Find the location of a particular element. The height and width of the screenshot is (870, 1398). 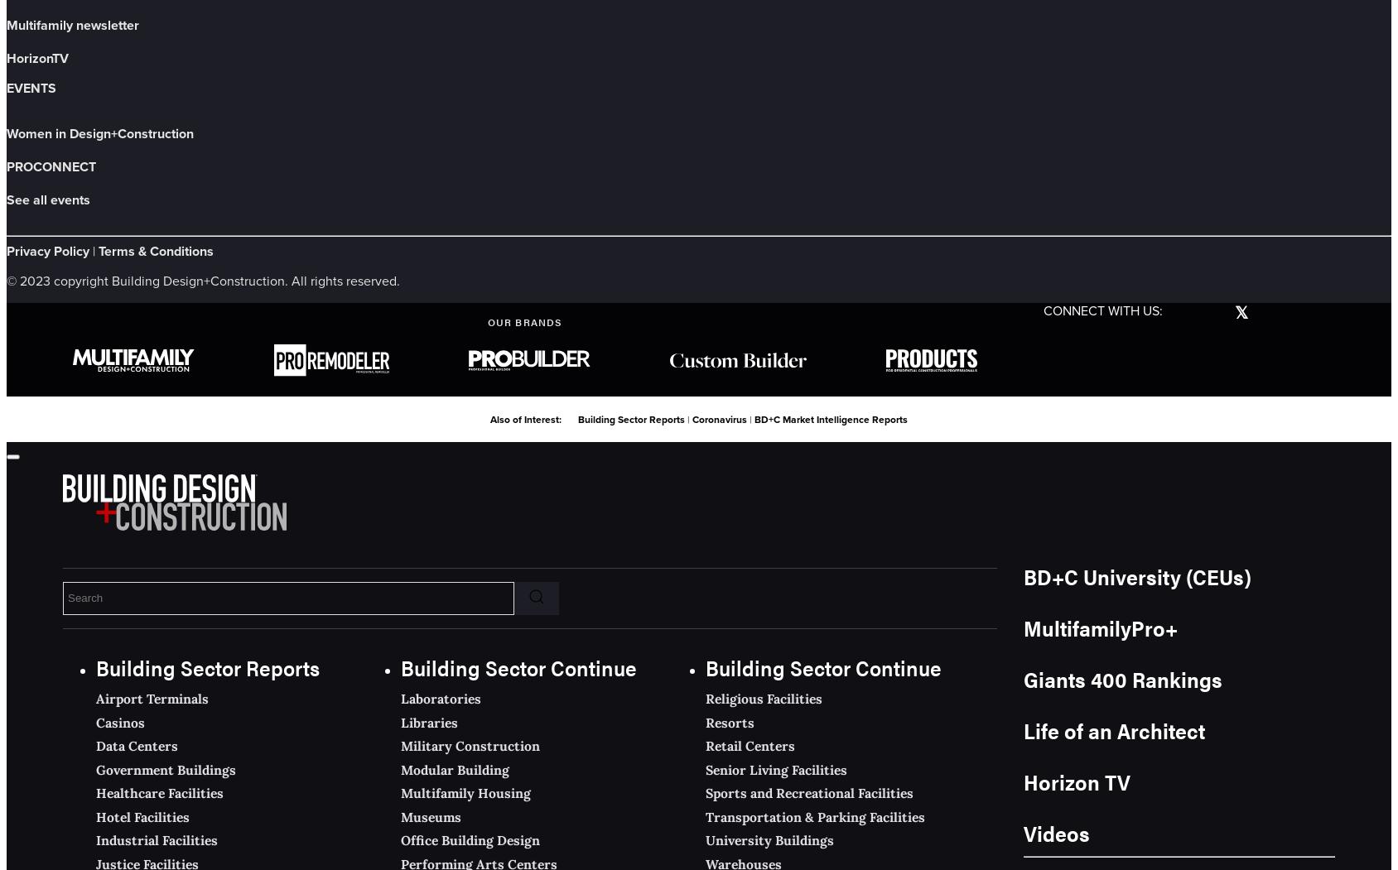

'Horizon TV' is located at coordinates (1076, 780).